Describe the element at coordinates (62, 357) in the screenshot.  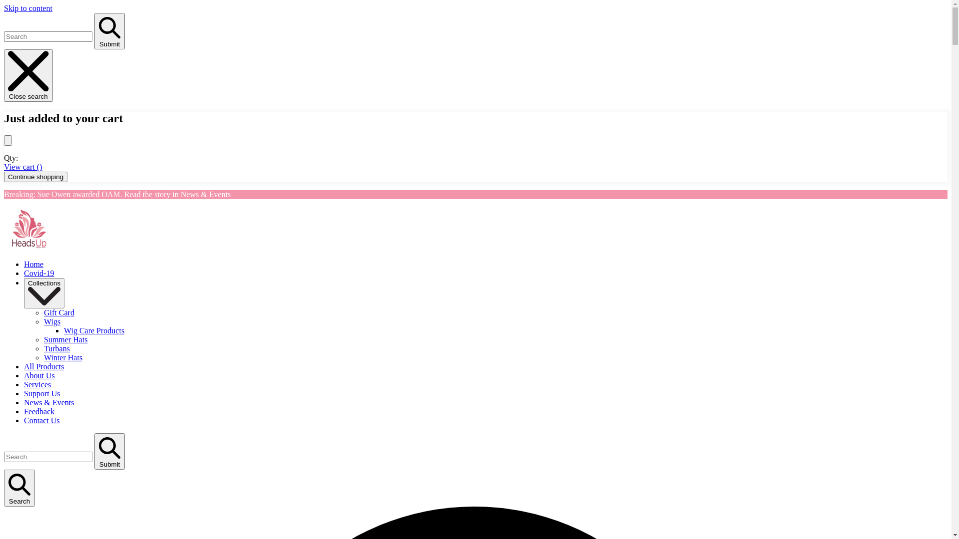
I see `'Winter Hats'` at that location.